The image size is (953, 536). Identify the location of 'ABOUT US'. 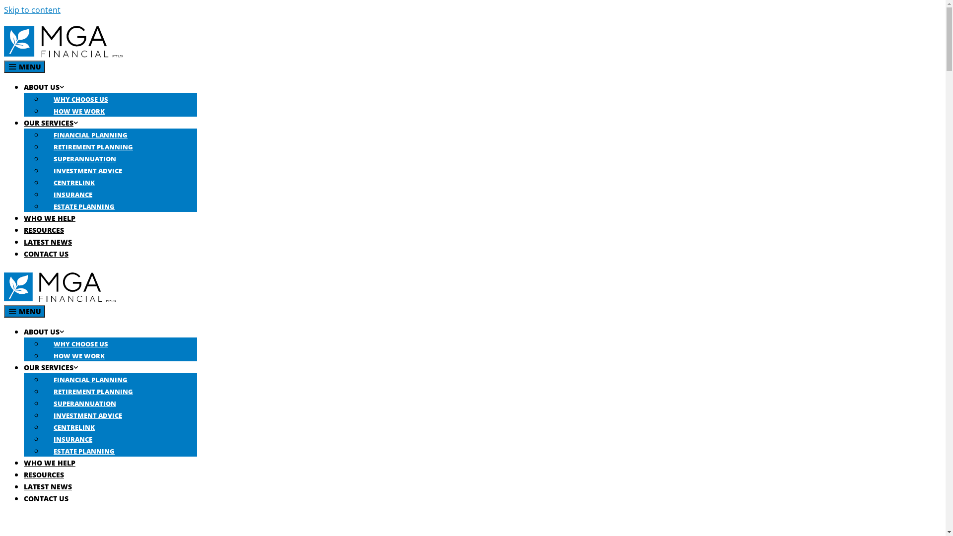
(44, 332).